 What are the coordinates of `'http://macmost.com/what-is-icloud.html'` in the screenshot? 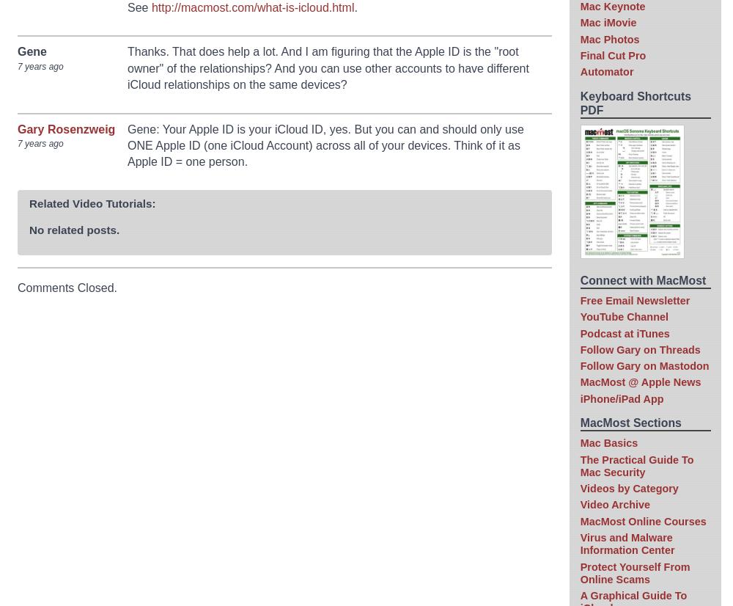 It's located at (251, 7).